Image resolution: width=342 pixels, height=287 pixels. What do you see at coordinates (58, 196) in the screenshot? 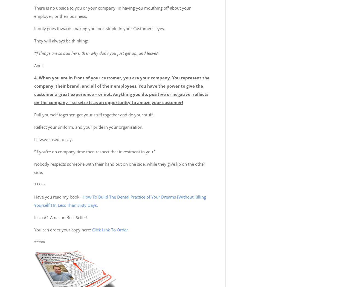
I see `'Have you read my book ,'` at bounding box center [58, 196].